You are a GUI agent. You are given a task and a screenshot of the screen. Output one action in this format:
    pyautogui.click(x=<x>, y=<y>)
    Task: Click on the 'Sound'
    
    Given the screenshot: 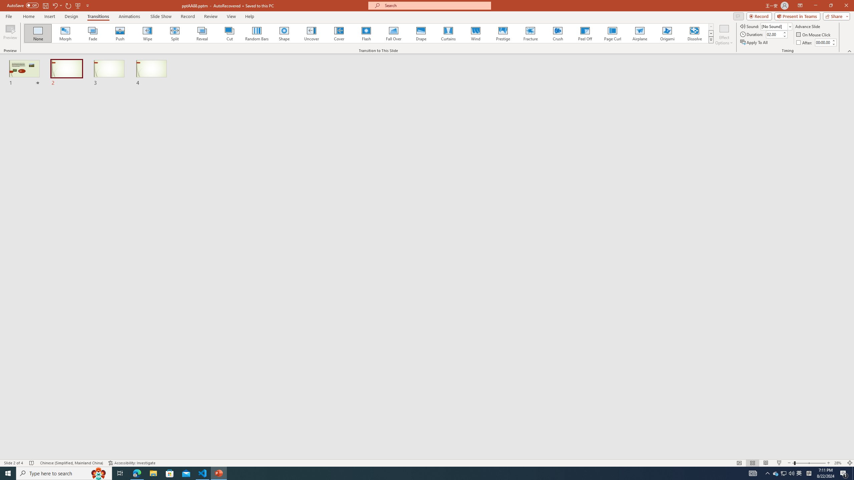 What is the action you would take?
    pyautogui.click(x=776, y=26)
    